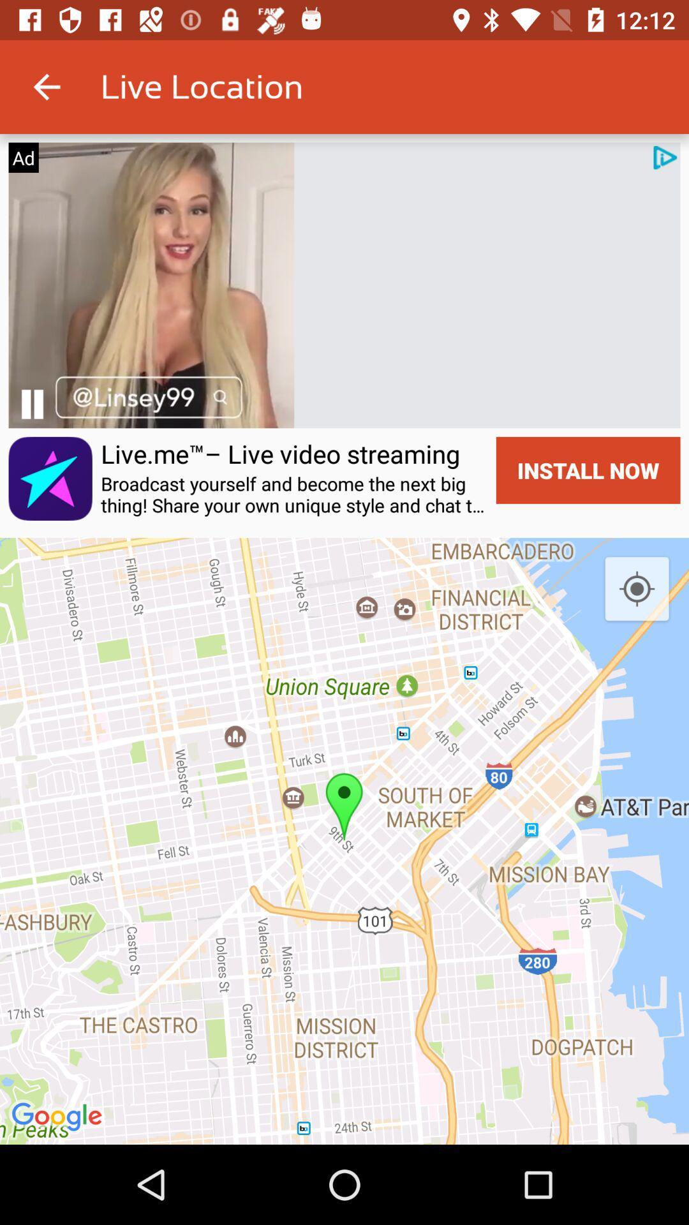 The width and height of the screenshot is (689, 1225). I want to click on the item to the left of install now item, so click(294, 494).